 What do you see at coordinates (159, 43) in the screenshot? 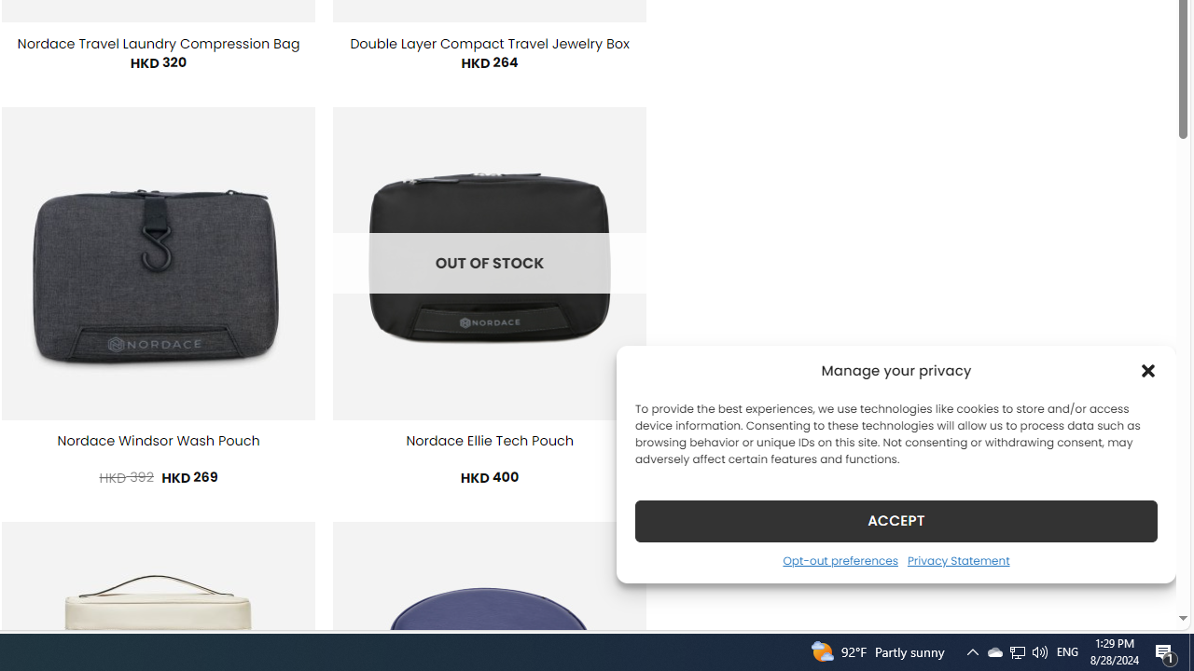
I see `'Nordace Travel Laundry Compression Bag'` at bounding box center [159, 43].